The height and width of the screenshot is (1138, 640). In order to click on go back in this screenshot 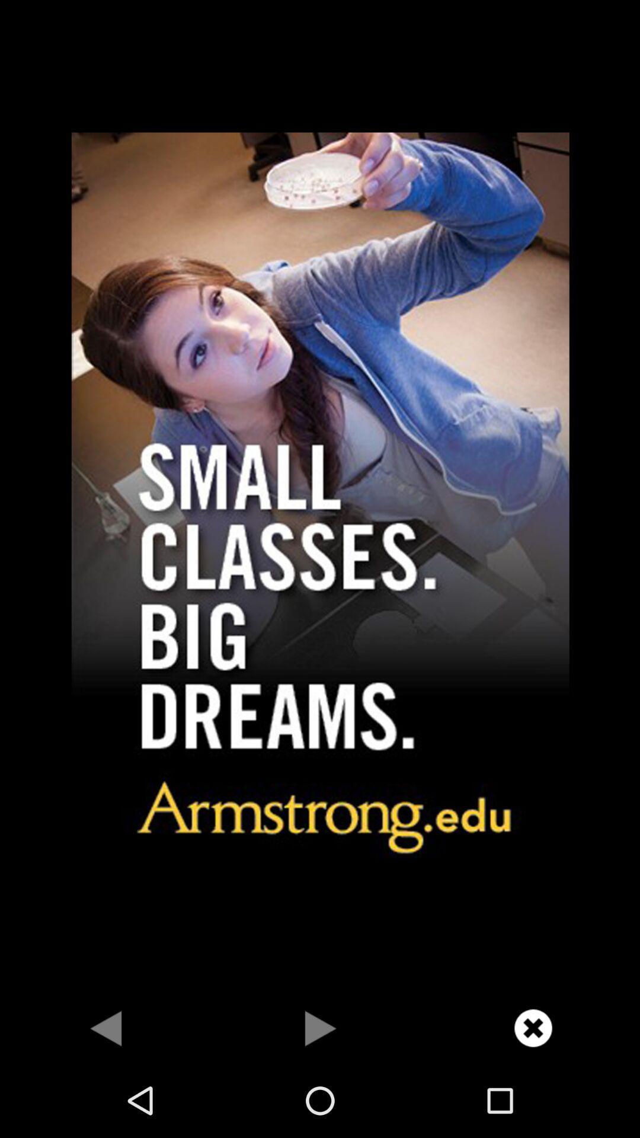, I will do `click(107, 1027)`.